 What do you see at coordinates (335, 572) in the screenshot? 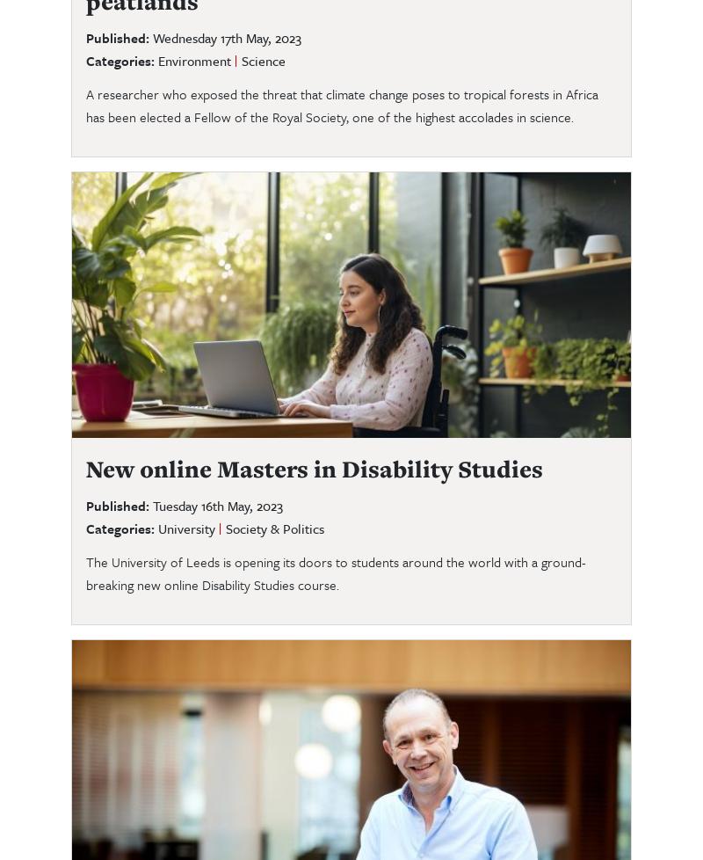
I see `'The University of Leeds is opening its doors to students around the world with a ground-breaking new online Disability Studies course.'` at bounding box center [335, 572].